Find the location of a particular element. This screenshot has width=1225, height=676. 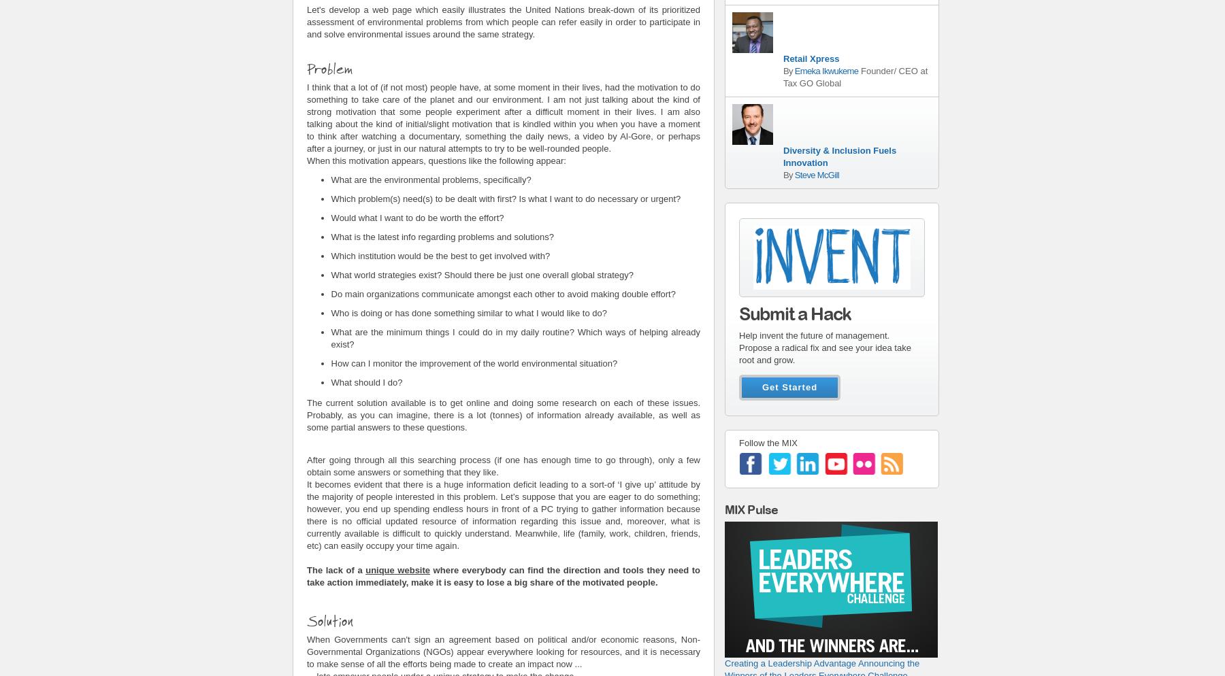

'Submit a Hack' is located at coordinates (794, 314).